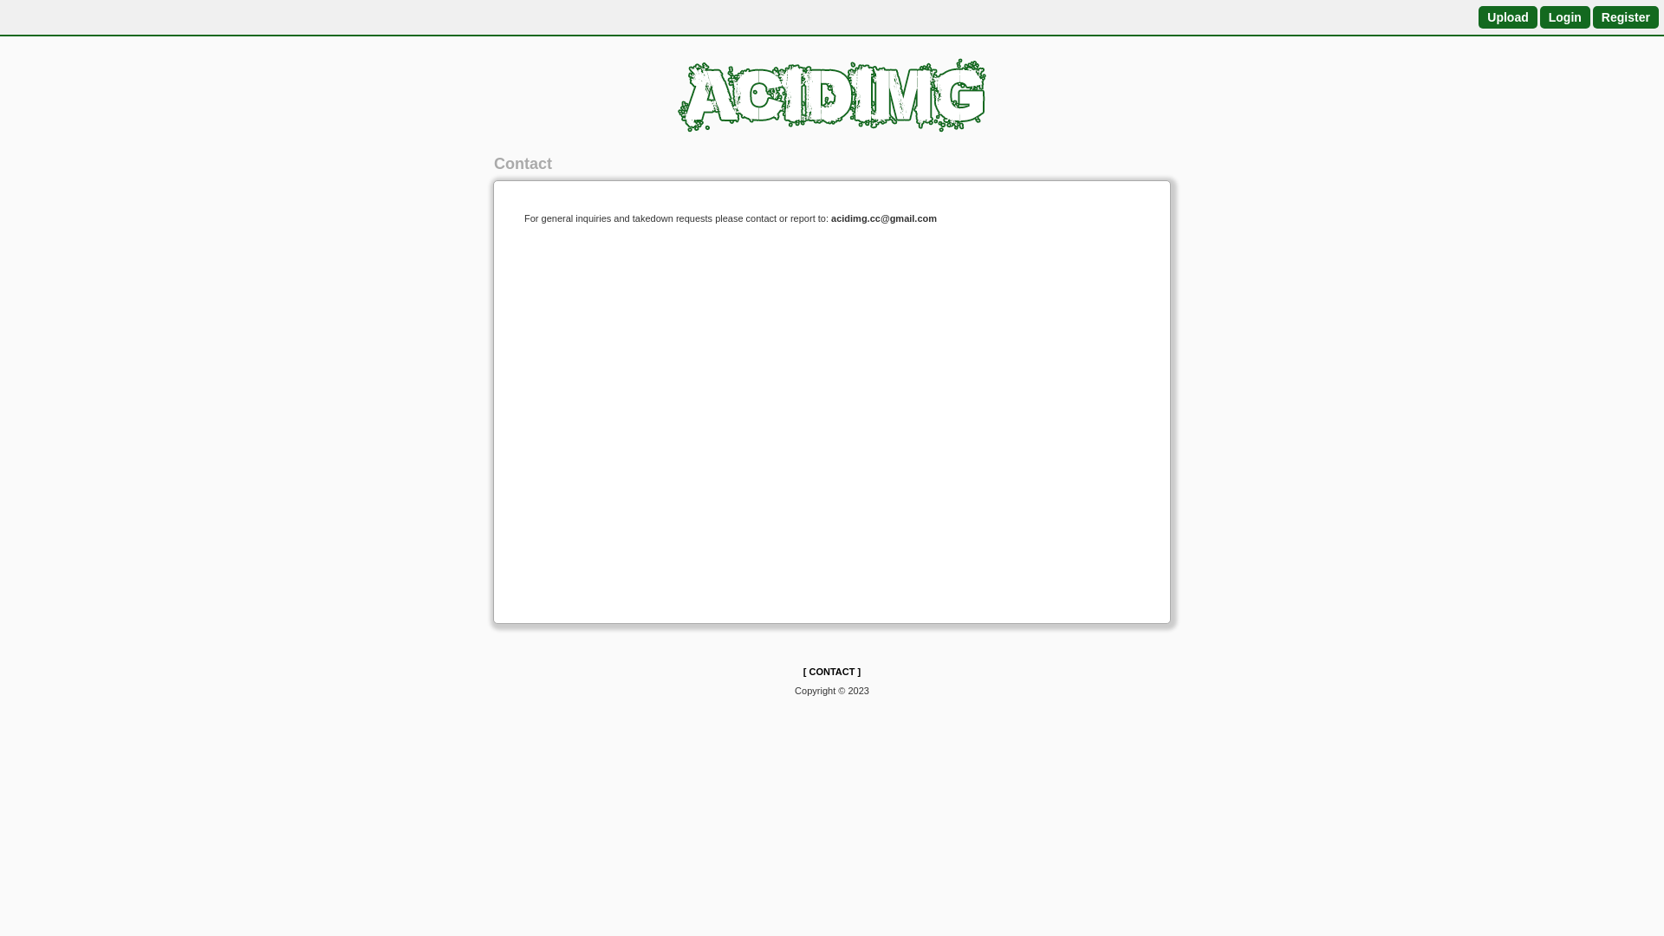 The height and width of the screenshot is (936, 1664). What do you see at coordinates (1564, 16) in the screenshot?
I see `'Login'` at bounding box center [1564, 16].